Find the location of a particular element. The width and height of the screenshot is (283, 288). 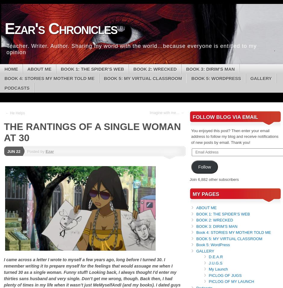

'Jun 22' is located at coordinates (13, 151).